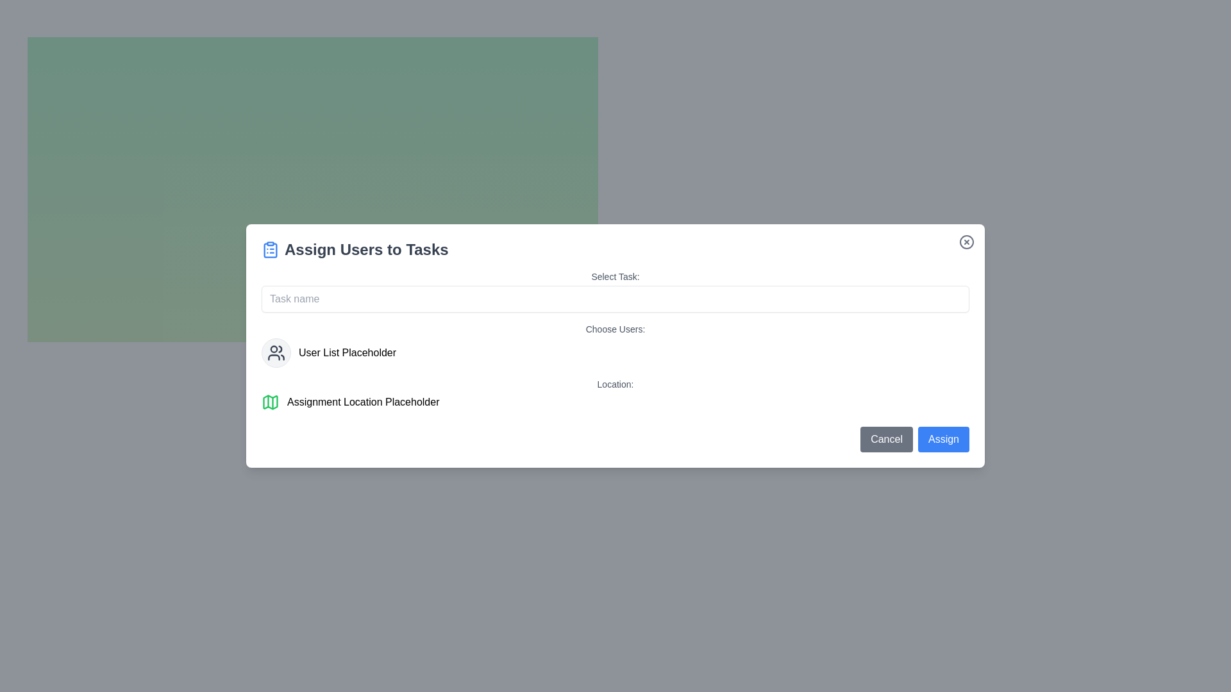  Describe the element at coordinates (270, 402) in the screenshot. I see `the 'Location' icon in the 'Assign Users to Tasks' dialog, which is paired with the label 'Assignment Location Placeholder.'` at that location.